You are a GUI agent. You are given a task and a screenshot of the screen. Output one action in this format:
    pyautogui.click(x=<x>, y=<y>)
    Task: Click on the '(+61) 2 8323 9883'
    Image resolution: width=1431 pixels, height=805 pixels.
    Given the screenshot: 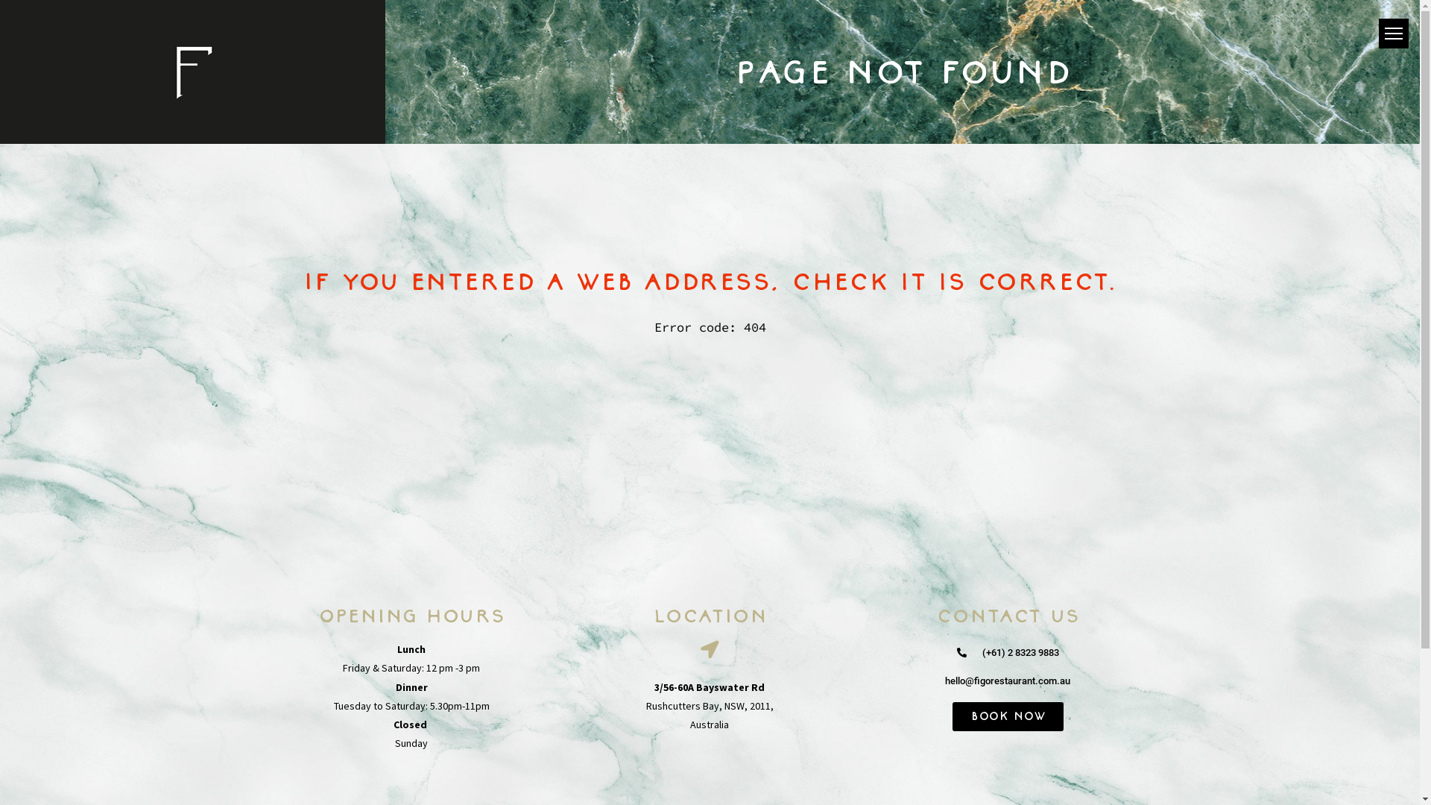 What is the action you would take?
    pyautogui.click(x=1008, y=651)
    